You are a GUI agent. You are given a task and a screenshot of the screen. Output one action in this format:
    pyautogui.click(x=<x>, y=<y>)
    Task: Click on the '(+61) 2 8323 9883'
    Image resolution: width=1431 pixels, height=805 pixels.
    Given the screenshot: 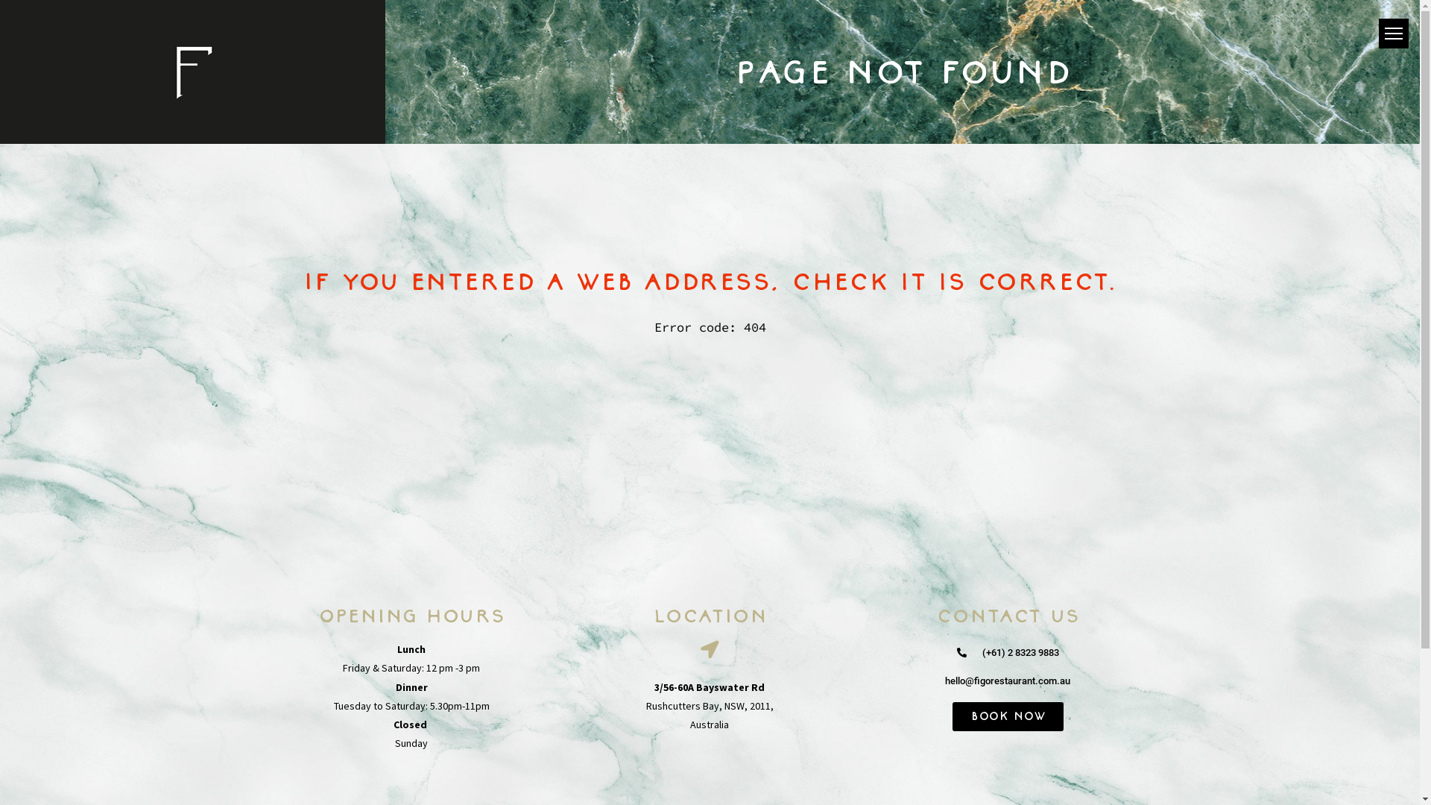 What is the action you would take?
    pyautogui.click(x=1008, y=651)
    